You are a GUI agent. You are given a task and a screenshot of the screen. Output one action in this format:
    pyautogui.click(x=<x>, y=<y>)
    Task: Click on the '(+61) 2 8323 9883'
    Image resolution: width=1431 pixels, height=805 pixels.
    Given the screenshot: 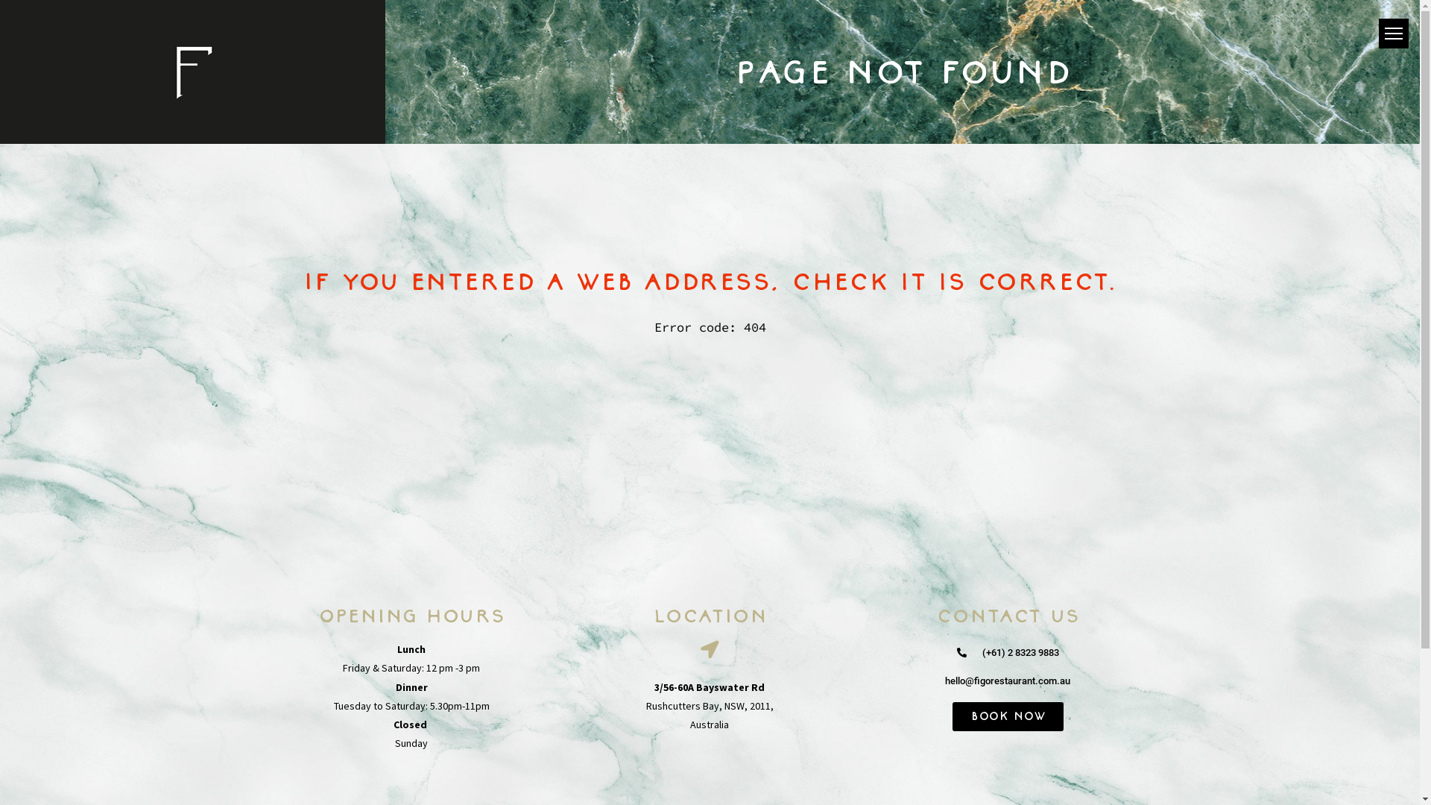 What is the action you would take?
    pyautogui.click(x=1008, y=651)
    